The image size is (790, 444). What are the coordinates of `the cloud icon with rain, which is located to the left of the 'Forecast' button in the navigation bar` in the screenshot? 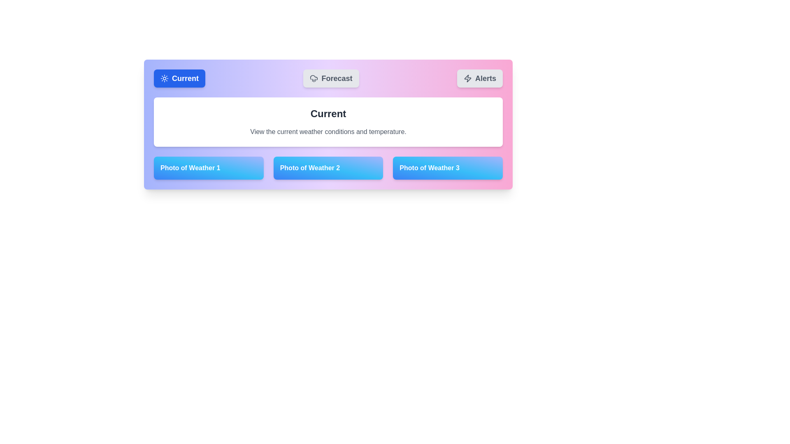 It's located at (314, 79).